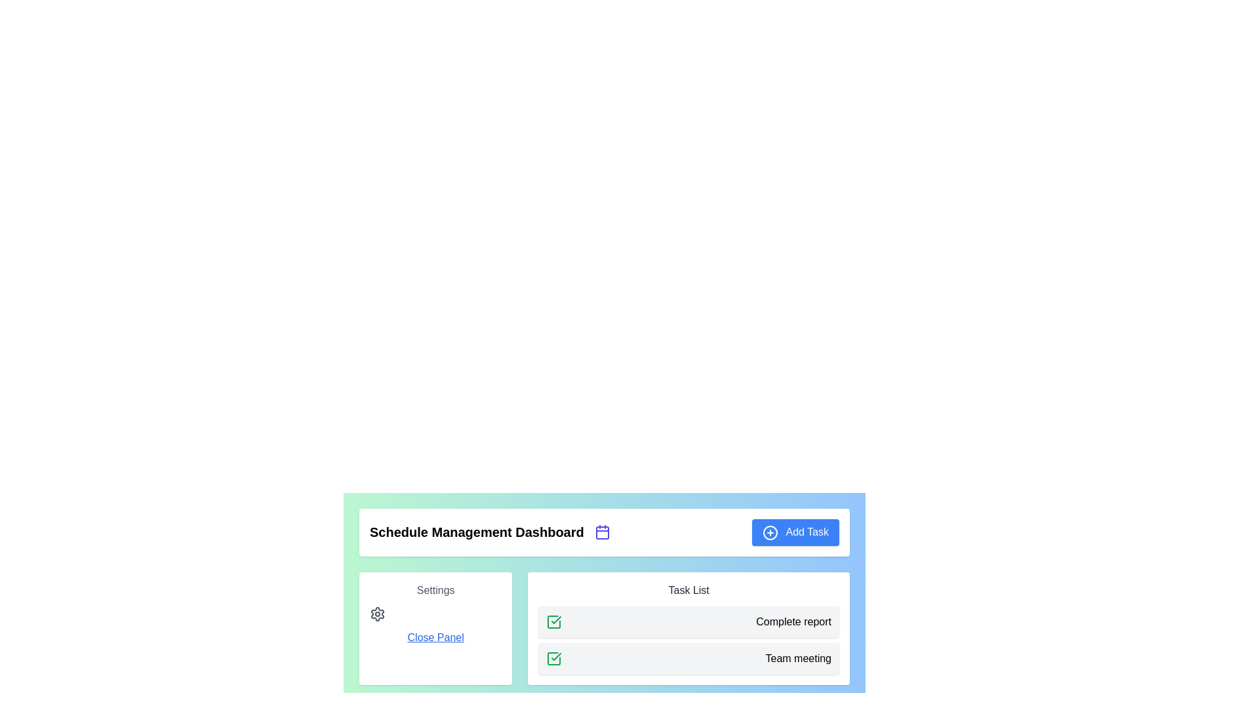  What do you see at coordinates (795, 532) in the screenshot?
I see `the 'Add Task' button located on the rightmost side of the 'Schedule Management Dashboard' for keyboard navigation` at bounding box center [795, 532].